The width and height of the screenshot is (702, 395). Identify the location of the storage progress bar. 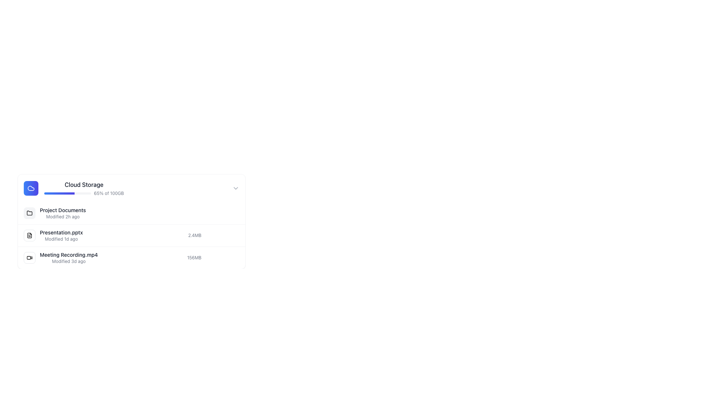
(54, 193).